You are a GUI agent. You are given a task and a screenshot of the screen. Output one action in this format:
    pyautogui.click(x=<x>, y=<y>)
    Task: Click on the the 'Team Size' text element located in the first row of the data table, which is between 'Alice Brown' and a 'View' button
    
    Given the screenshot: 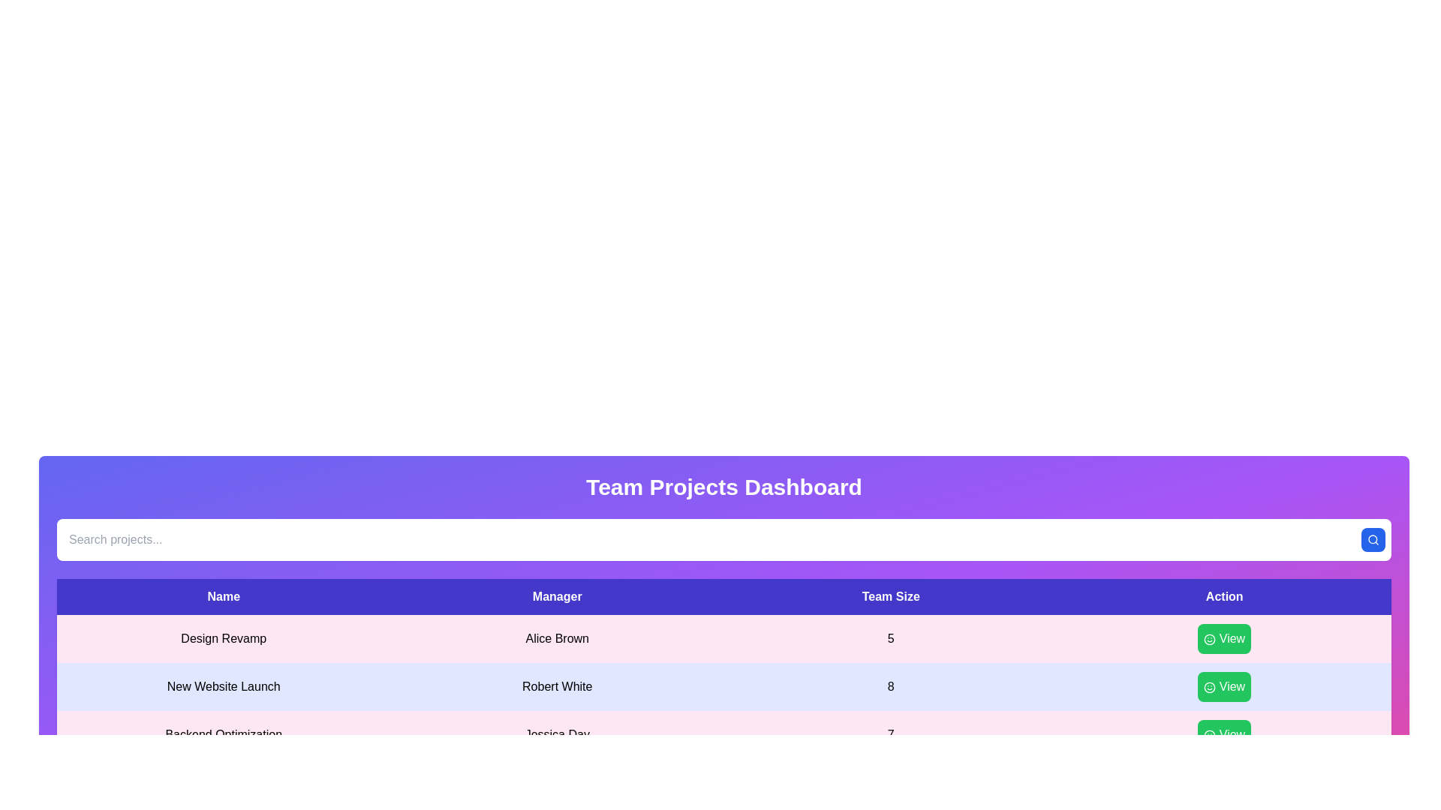 What is the action you would take?
    pyautogui.click(x=891, y=639)
    